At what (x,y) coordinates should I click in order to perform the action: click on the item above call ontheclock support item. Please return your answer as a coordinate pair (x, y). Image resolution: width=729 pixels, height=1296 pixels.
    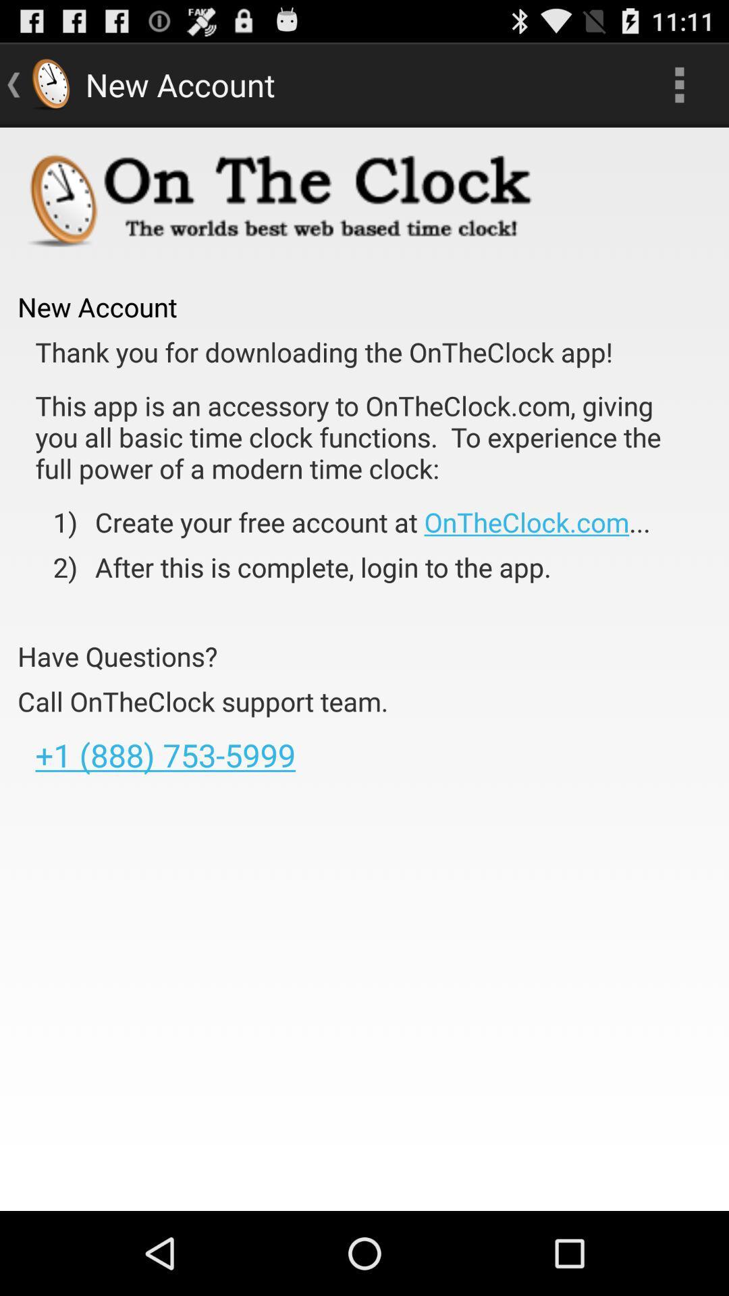
    Looking at the image, I should click on (117, 656).